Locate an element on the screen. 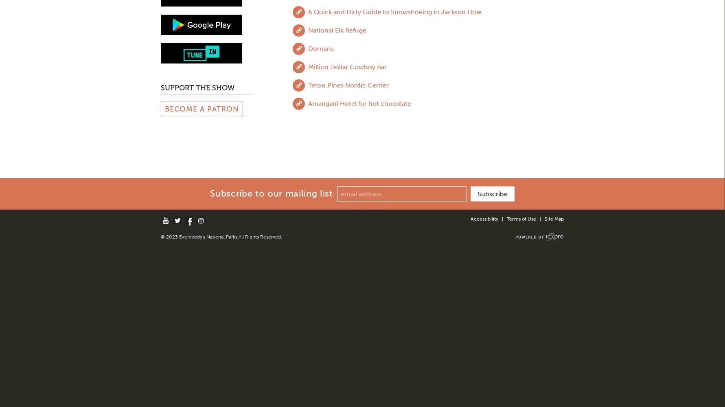  'Zion National Park' is located at coordinates (186, 36).